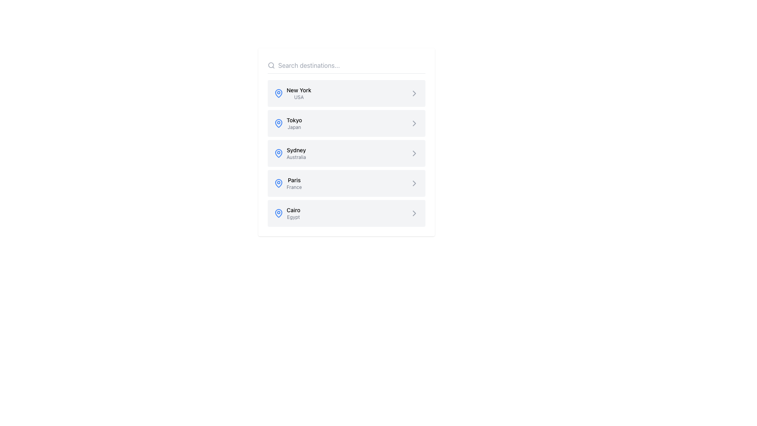 This screenshot has width=757, height=426. What do you see at coordinates (294, 123) in the screenshot?
I see `label representing the location Tokyo, Japan, which is located in the second row of a vertical list, adjacent to a blue map pin icon on the left and a chevron icon on the right` at bounding box center [294, 123].